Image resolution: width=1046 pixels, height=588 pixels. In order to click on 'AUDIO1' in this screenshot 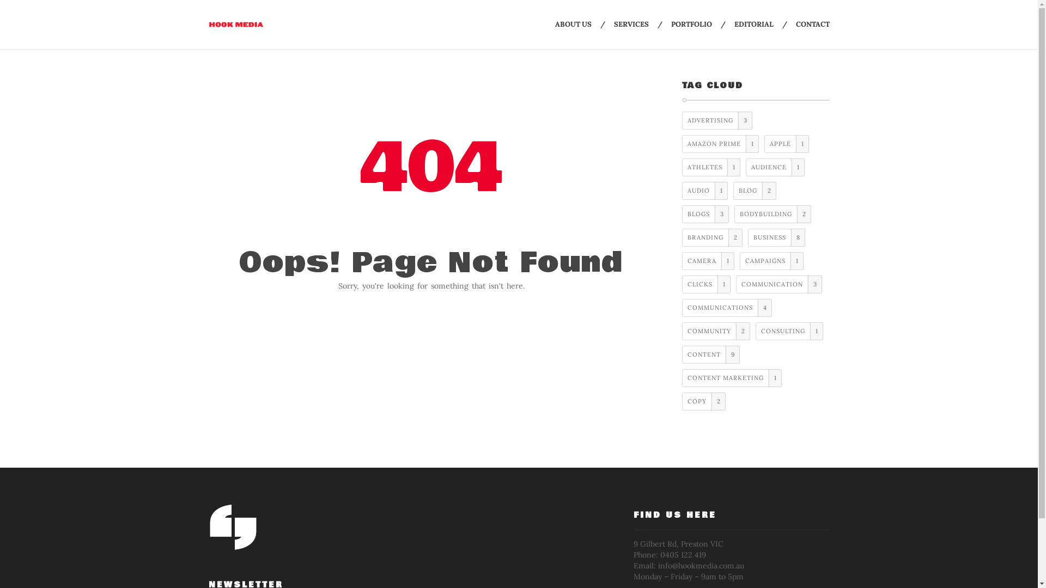, I will do `click(705, 190)`.